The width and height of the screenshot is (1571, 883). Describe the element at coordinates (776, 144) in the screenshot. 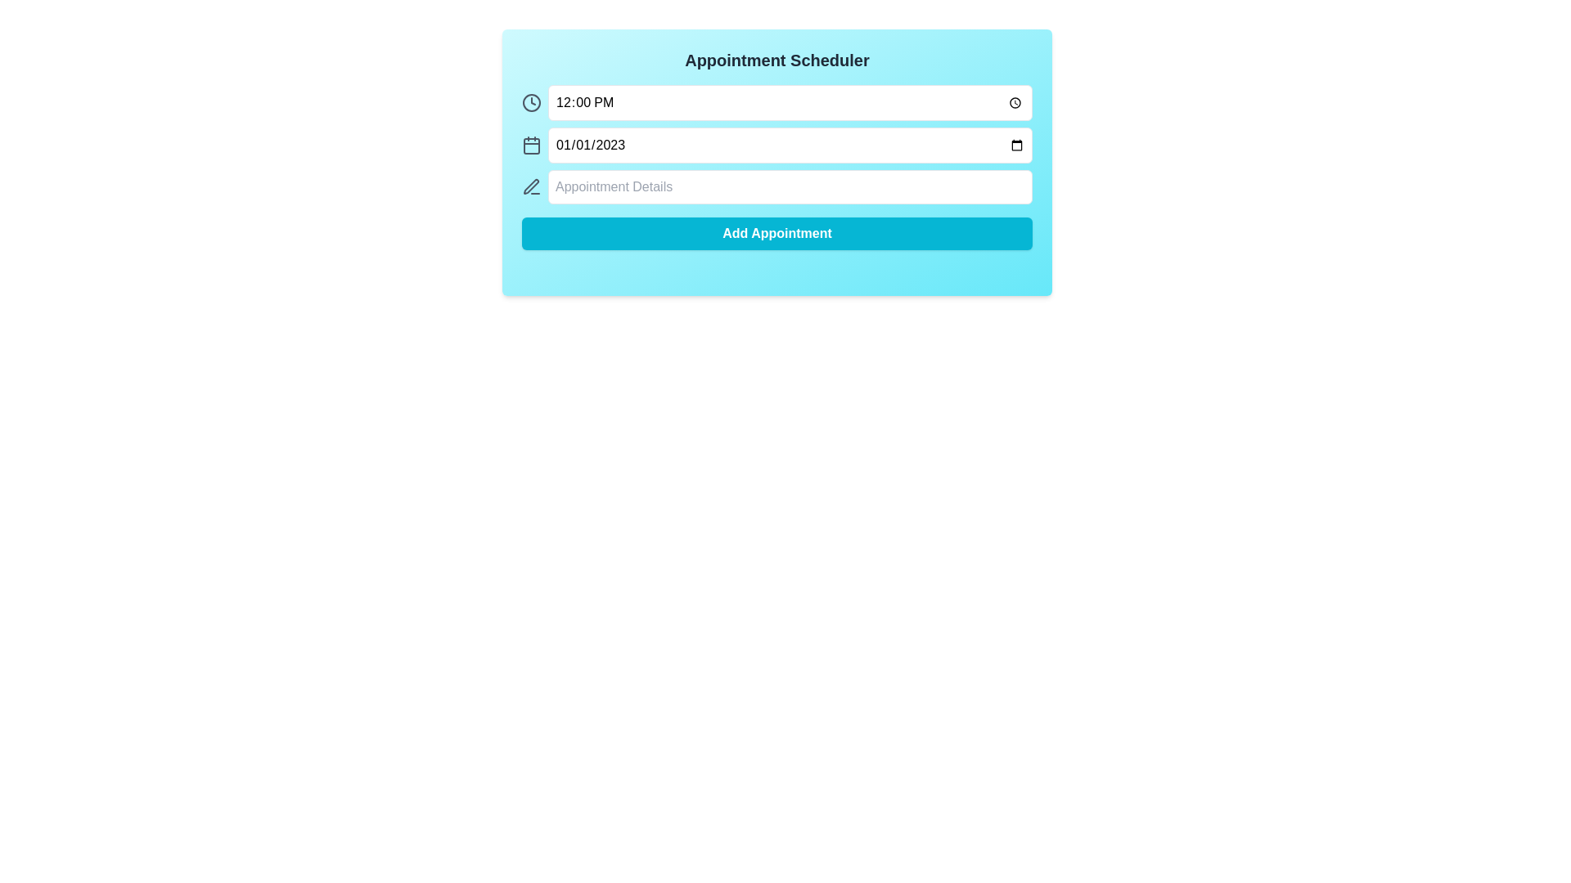

I see `the Date input field, which is the second input field in the form located in the middle` at that location.